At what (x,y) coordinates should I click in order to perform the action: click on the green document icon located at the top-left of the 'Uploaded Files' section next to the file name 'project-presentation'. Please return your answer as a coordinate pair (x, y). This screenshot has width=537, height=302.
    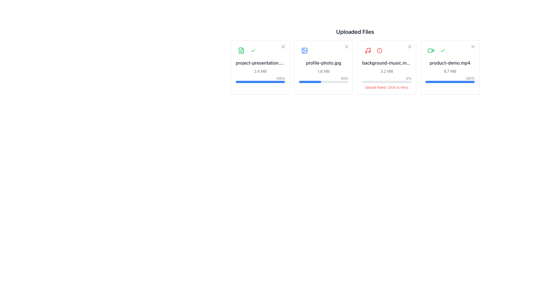
    Looking at the image, I should click on (241, 51).